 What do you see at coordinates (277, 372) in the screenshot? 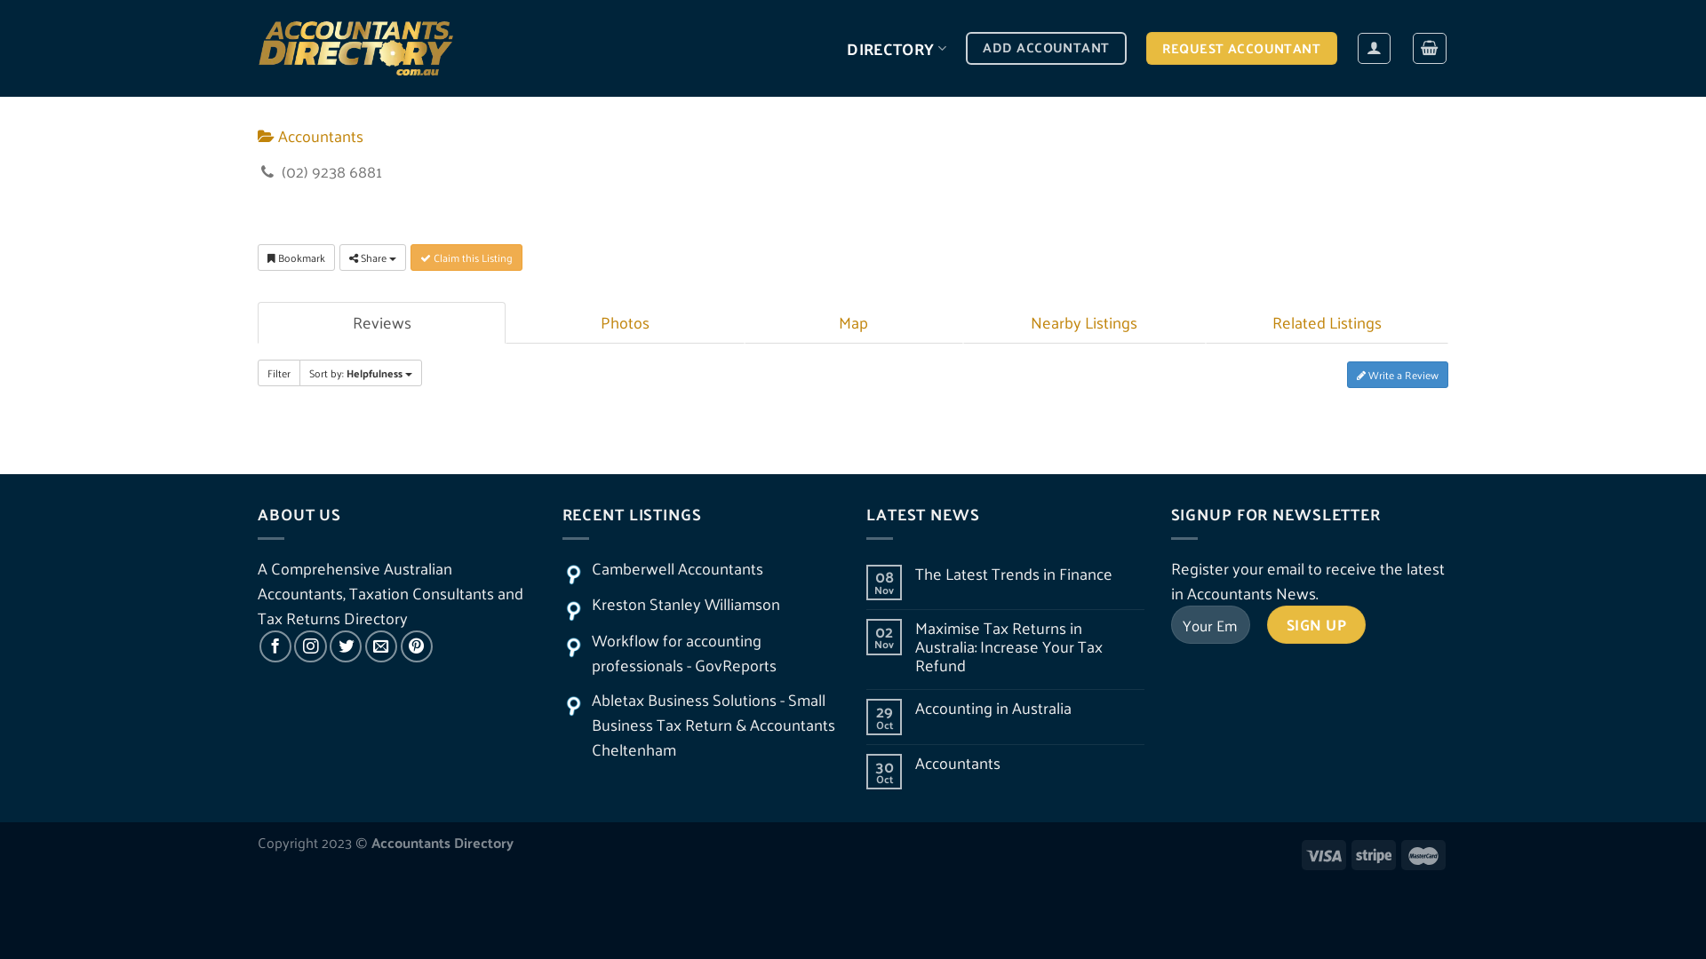
I see `'Filter'` at bounding box center [277, 372].